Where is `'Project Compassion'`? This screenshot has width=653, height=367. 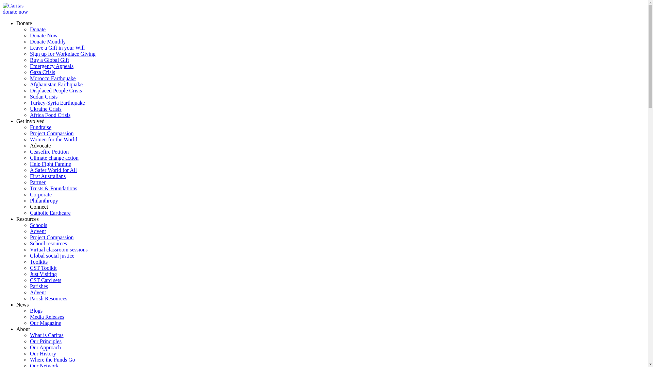
'Project Compassion' is located at coordinates (51, 237).